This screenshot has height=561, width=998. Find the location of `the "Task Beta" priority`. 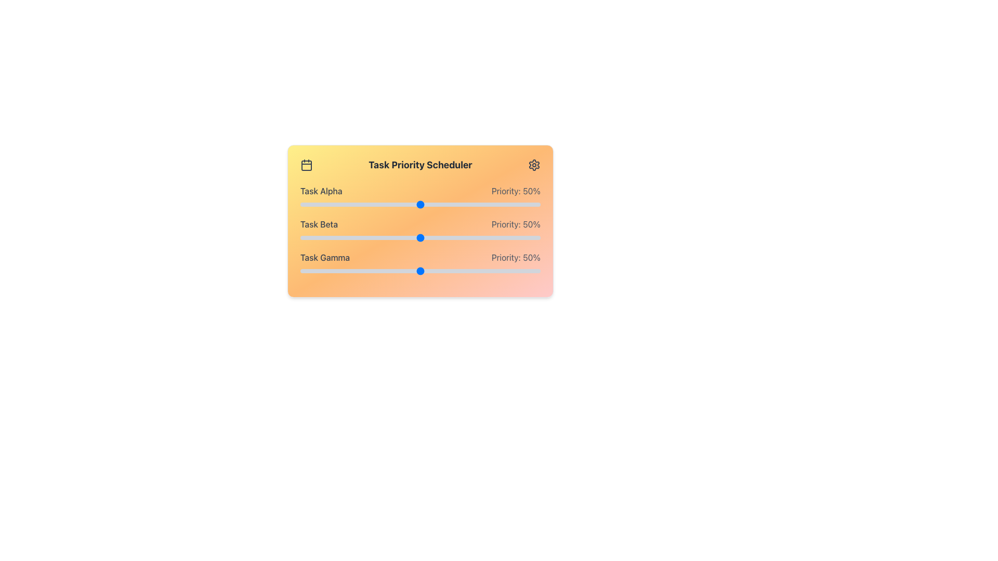

the "Task Beta" priority is located at coordinates (338, 238).